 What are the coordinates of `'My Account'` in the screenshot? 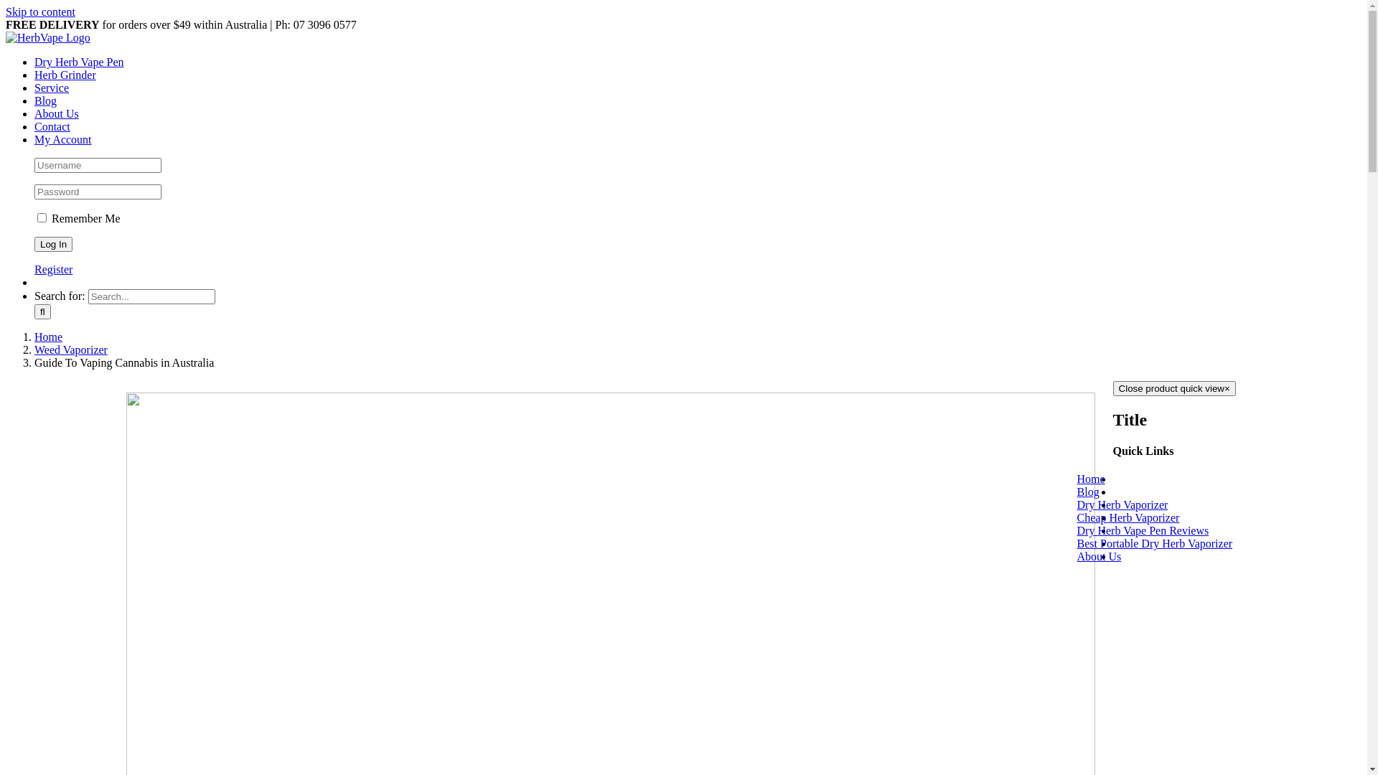 It's located at (62, 139).